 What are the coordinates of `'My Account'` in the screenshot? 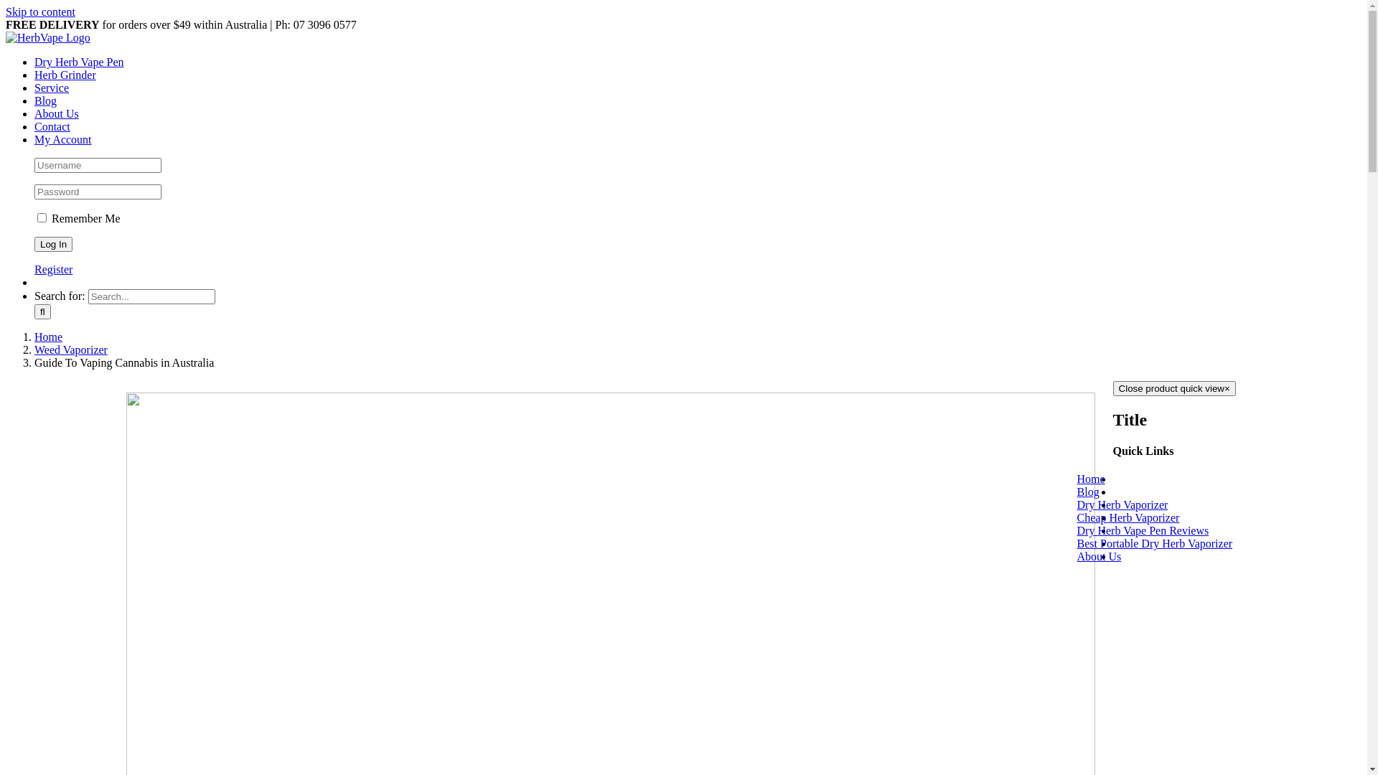 It's located at (62, 139).